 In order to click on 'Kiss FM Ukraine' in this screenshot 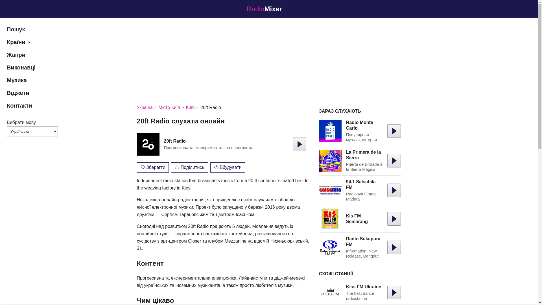, I will do `click(363, 287)`.